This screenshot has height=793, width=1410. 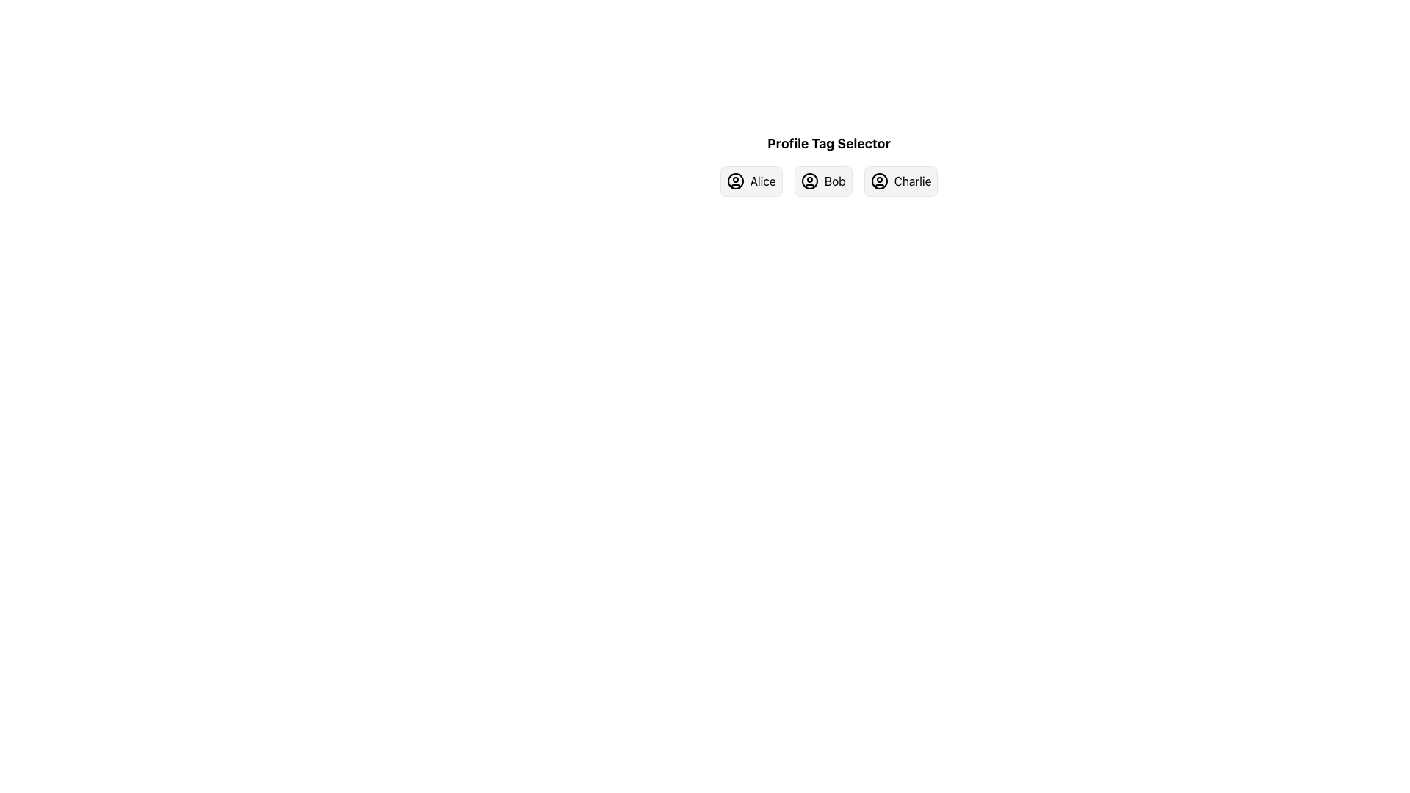 What do you see at coordinates (879, 180) in the screenshot?
I see `the SVG Circle element, which is a circular shape centered within the user icon silhouette, positioned to the right of 'Alice' and 'Bob' and above 'Charlie'` at bounding box center [879, 180].